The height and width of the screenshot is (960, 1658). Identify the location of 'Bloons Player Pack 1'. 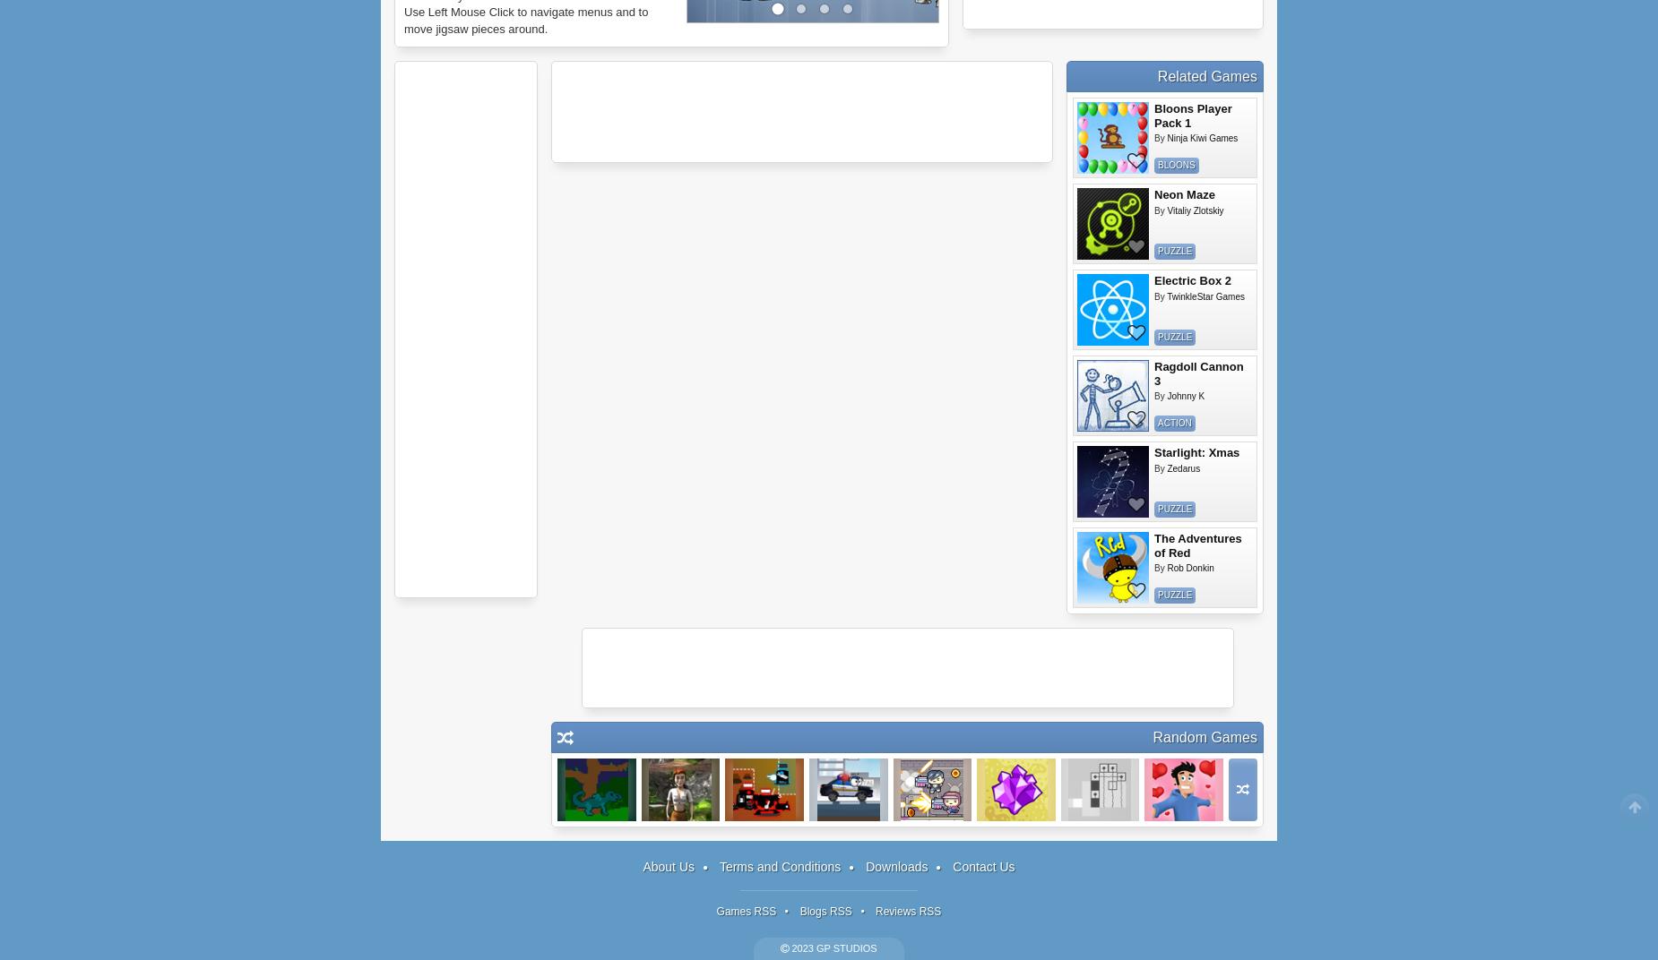
(1192, 115).